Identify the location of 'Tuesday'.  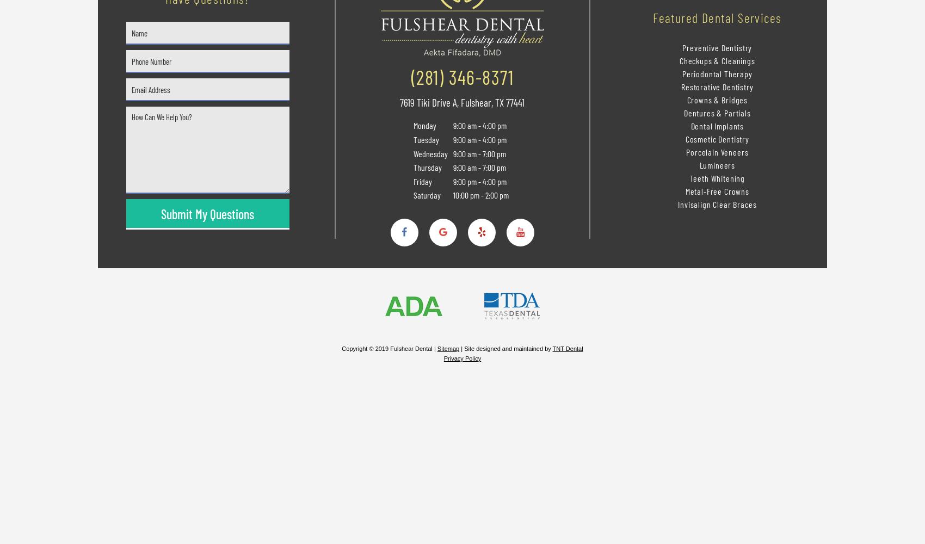
(425, 139).